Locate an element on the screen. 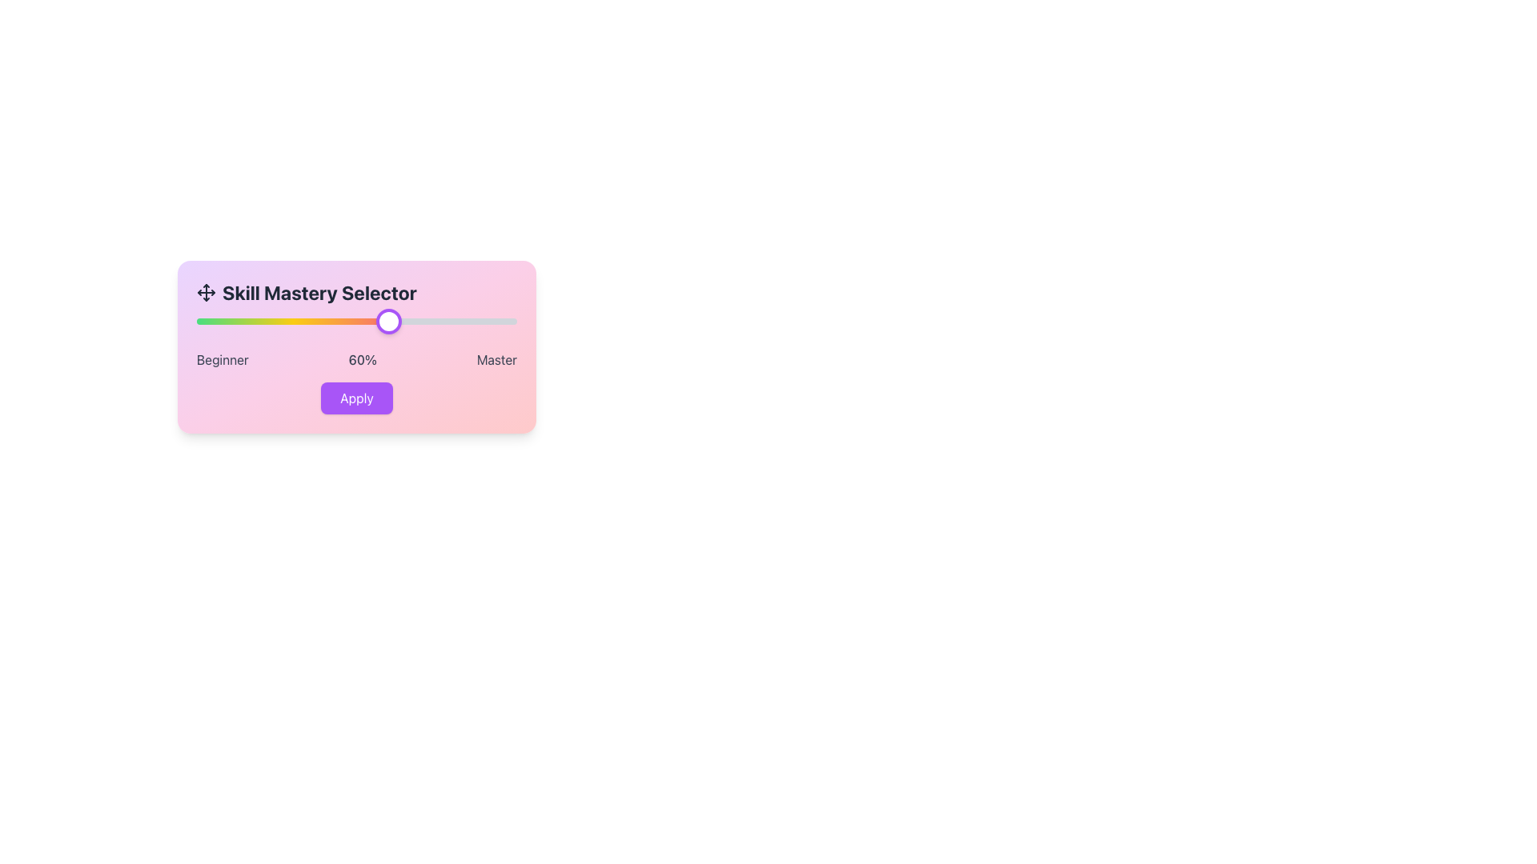 The width and height of the screenshot is (1537, 864). the Skill Mastery level is located at coordinates (402, 321).